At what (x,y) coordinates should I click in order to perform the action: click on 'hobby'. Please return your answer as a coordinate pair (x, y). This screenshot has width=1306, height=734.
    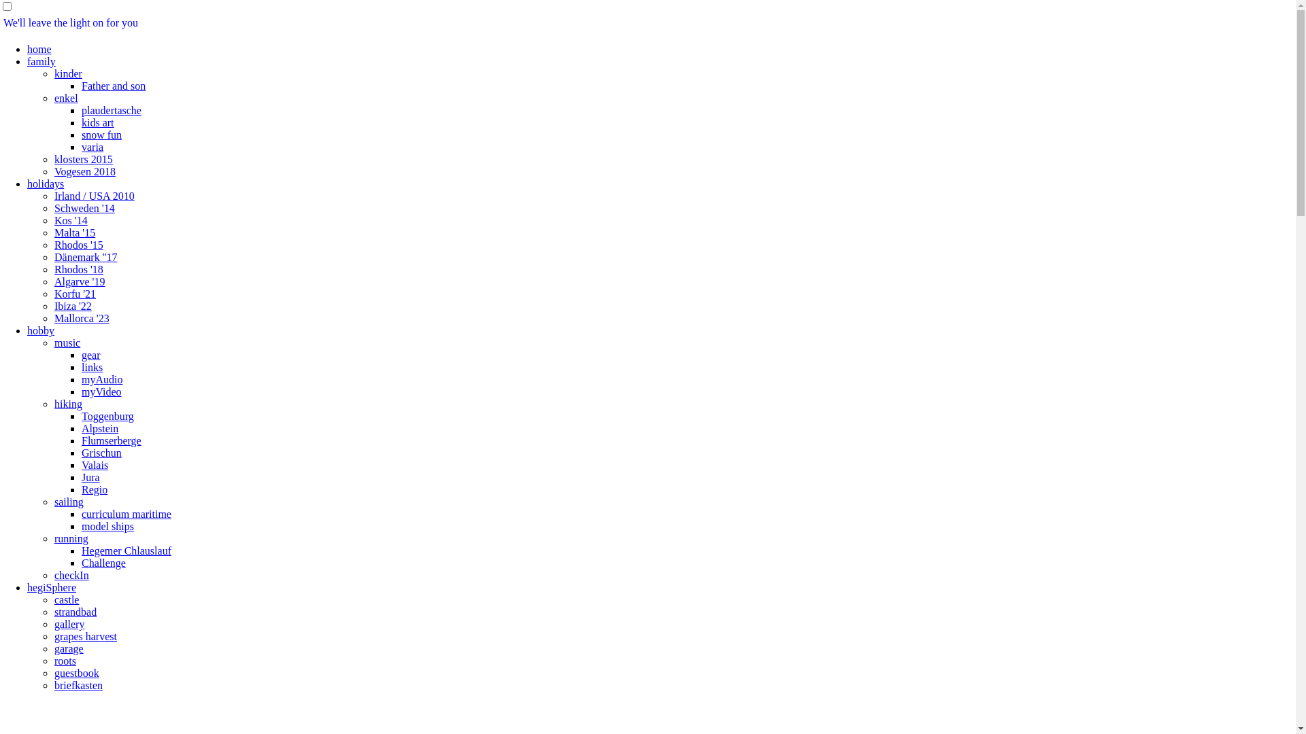
    Looking at the image, I should click on (40, 330).